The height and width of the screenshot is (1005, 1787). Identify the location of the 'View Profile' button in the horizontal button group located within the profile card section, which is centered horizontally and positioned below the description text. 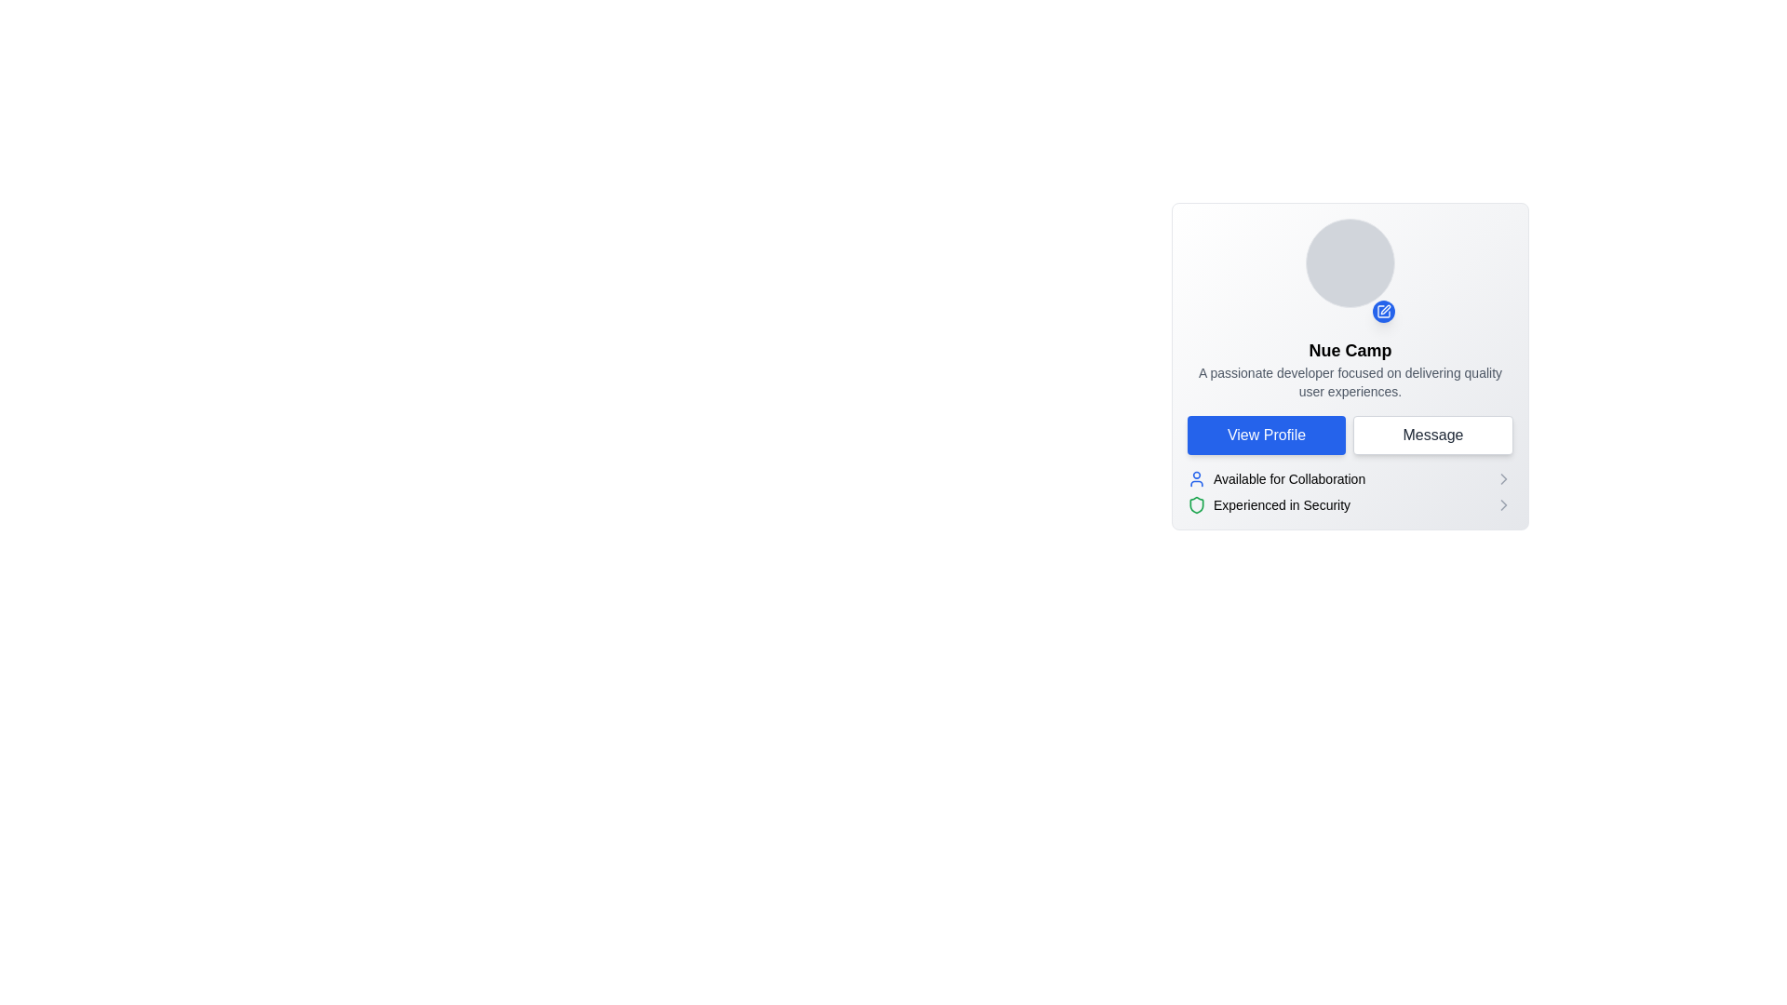
(1350, 435).